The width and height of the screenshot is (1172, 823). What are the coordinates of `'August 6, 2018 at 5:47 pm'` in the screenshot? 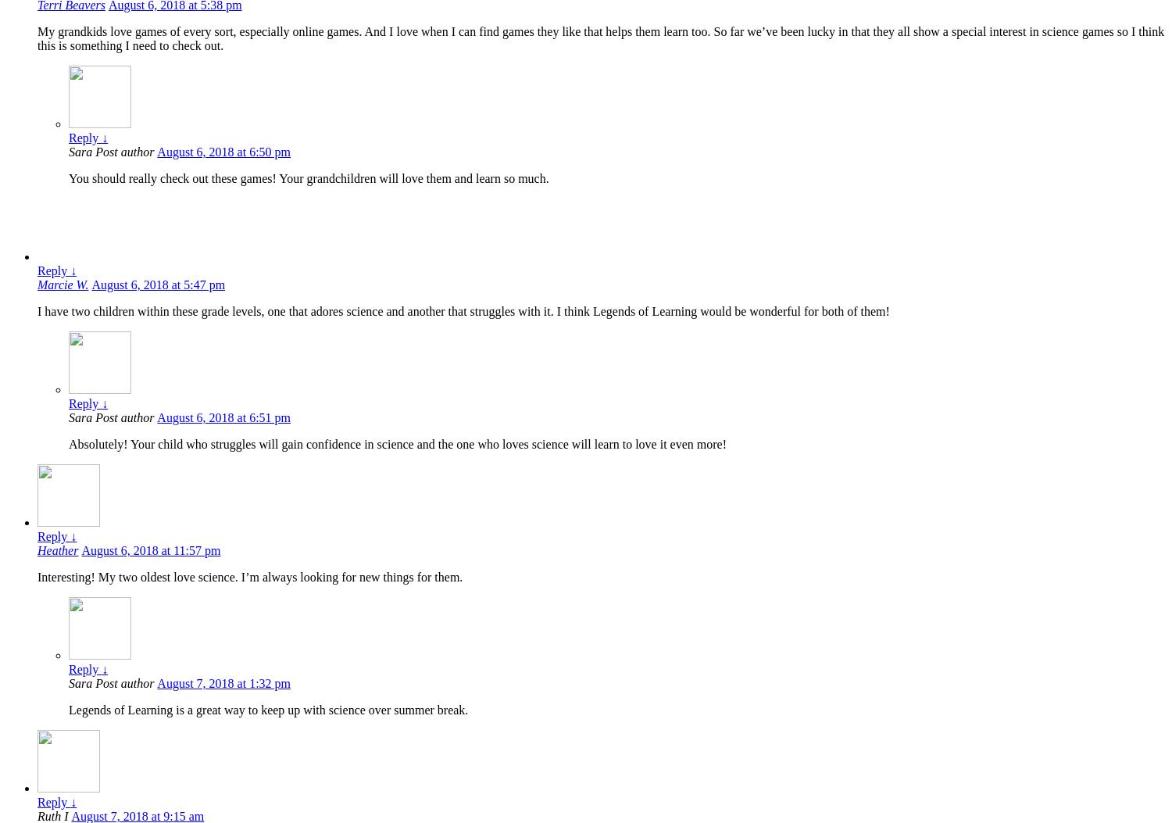 It's located at (157, 284).